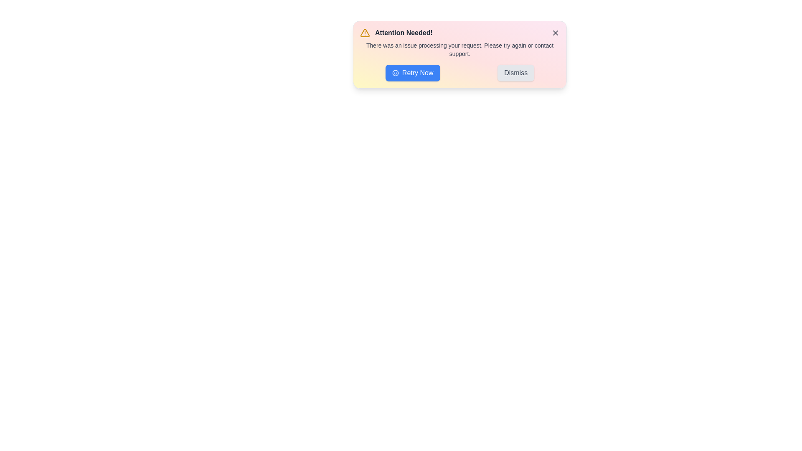  Describe the element at coordinates (555, 32) in the screenshot. I see `close button to dismiss the alert` at that location.